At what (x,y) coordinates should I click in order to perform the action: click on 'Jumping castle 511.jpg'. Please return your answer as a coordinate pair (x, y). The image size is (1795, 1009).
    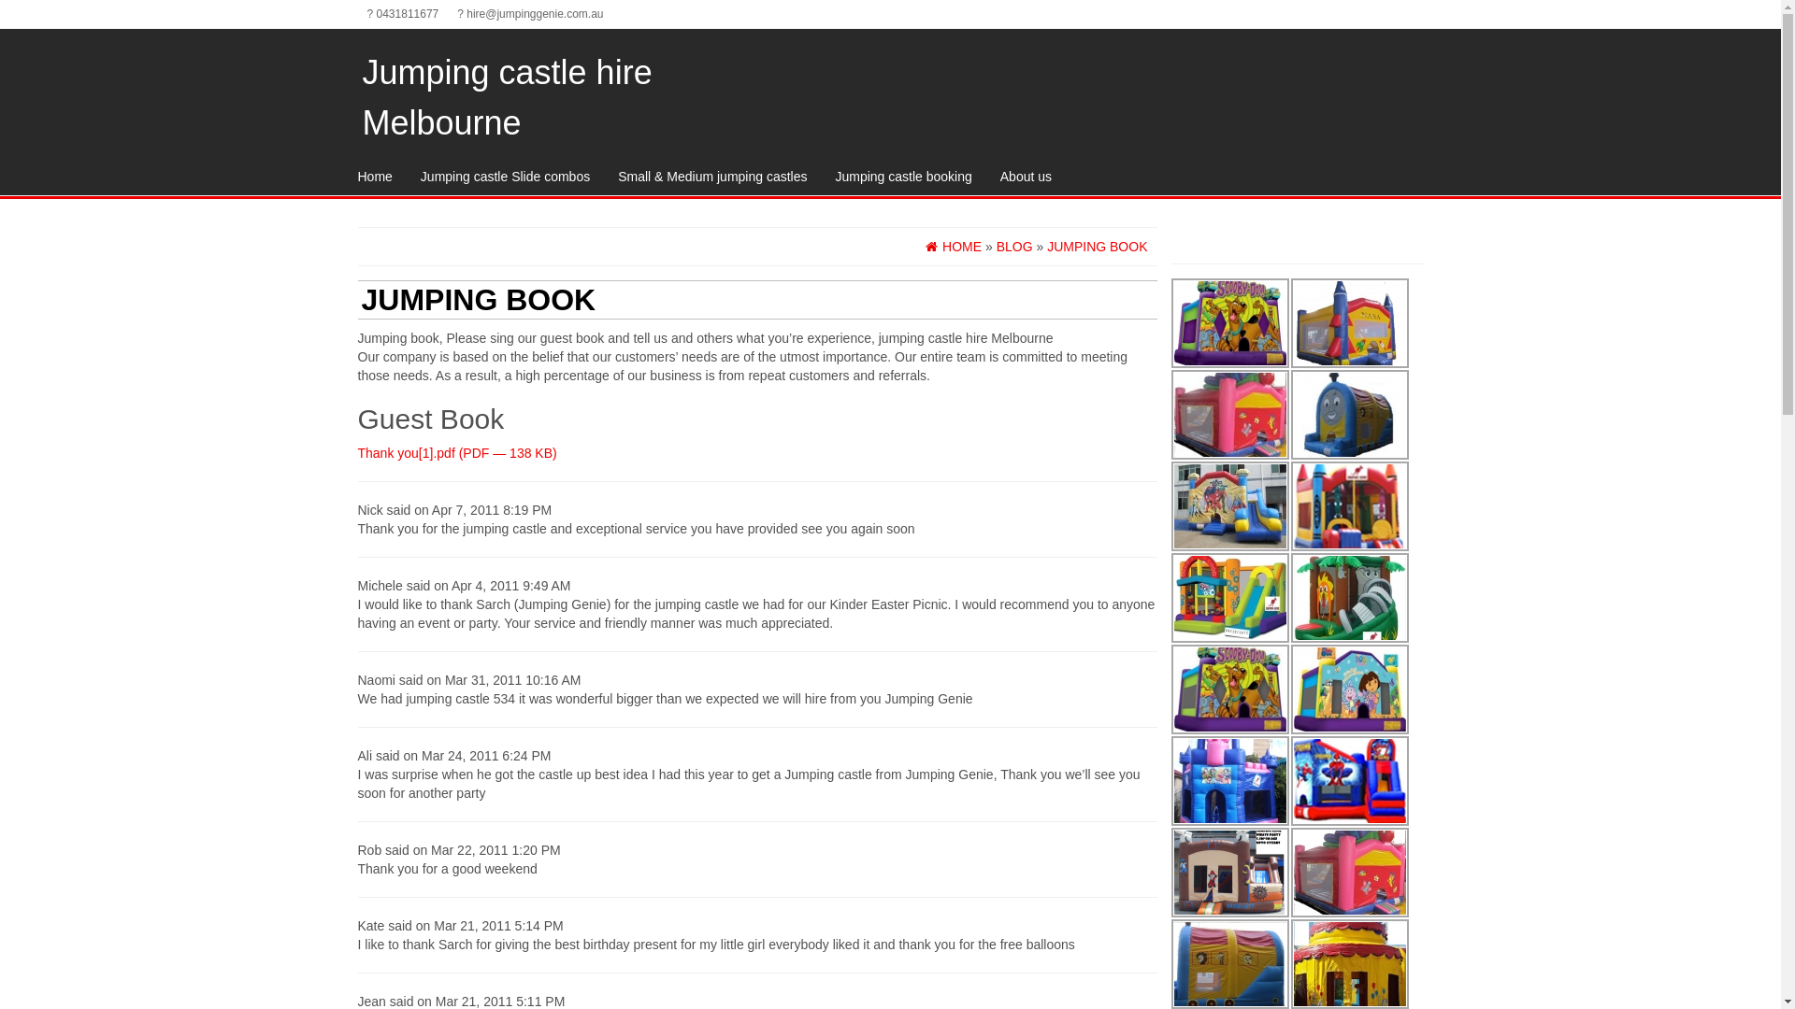
    Looking at the image, I should click on (1349, 872).